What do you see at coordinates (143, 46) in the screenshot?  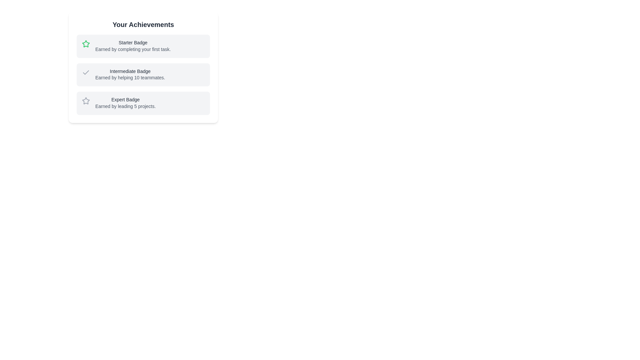 I see `the Achievement Badge that has a gray background, a green star icon, and the text 'Starter Badge' followed by 'Earned by completing your first task.'` at bounding box center [143, 46].